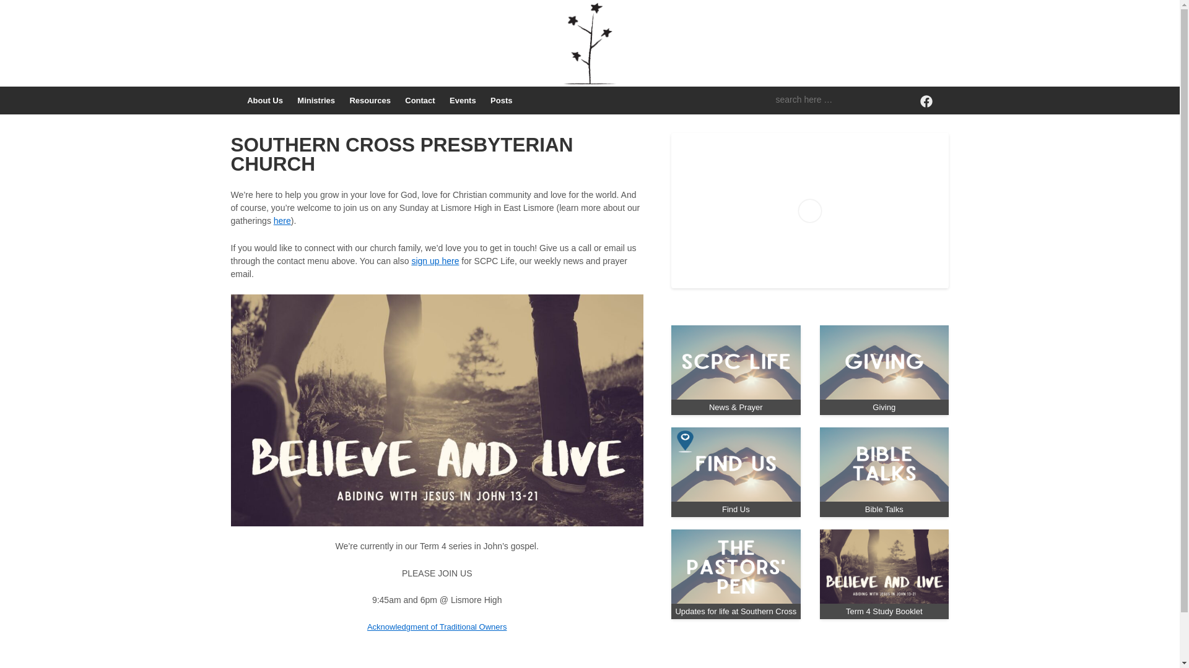 The width and height of the screenshot is (1189, 668). I want to click on 'Ministries', so click(316, 100).